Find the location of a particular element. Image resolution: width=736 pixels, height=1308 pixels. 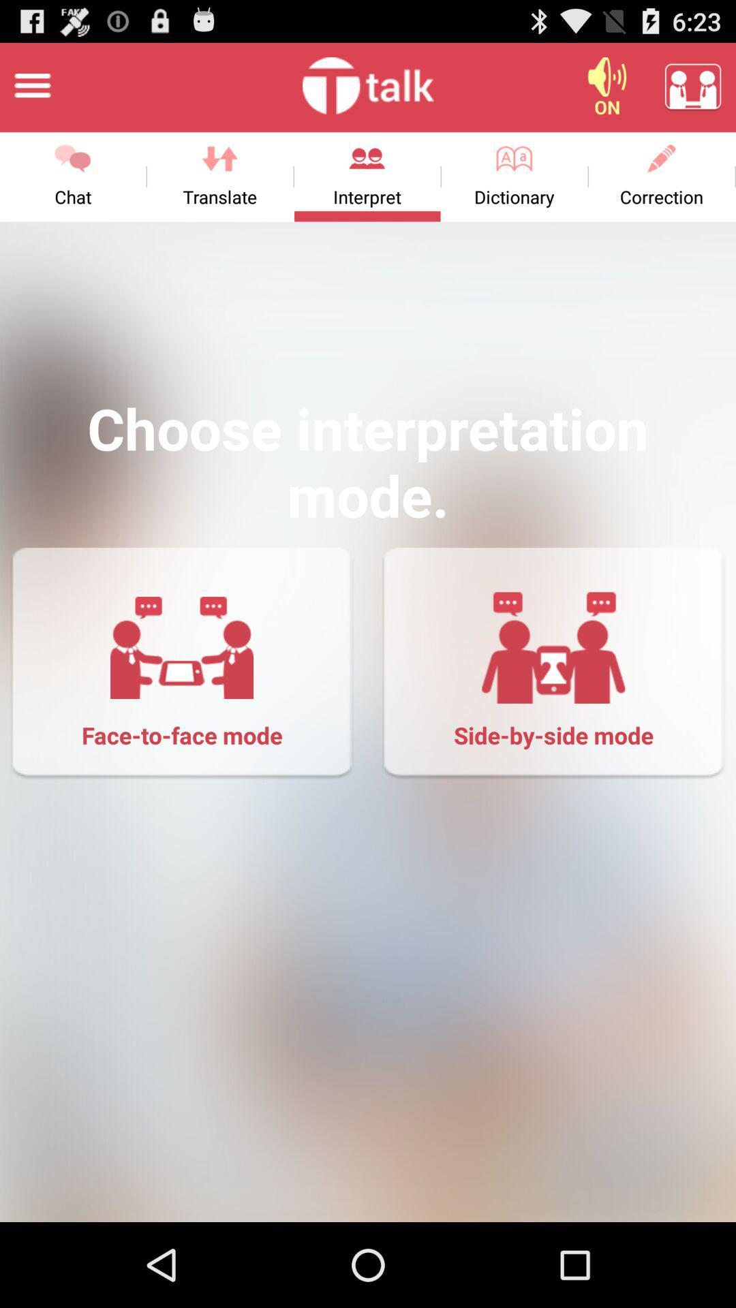

the image which is above the sidebyside mode option is located at coordinates (553, 647).